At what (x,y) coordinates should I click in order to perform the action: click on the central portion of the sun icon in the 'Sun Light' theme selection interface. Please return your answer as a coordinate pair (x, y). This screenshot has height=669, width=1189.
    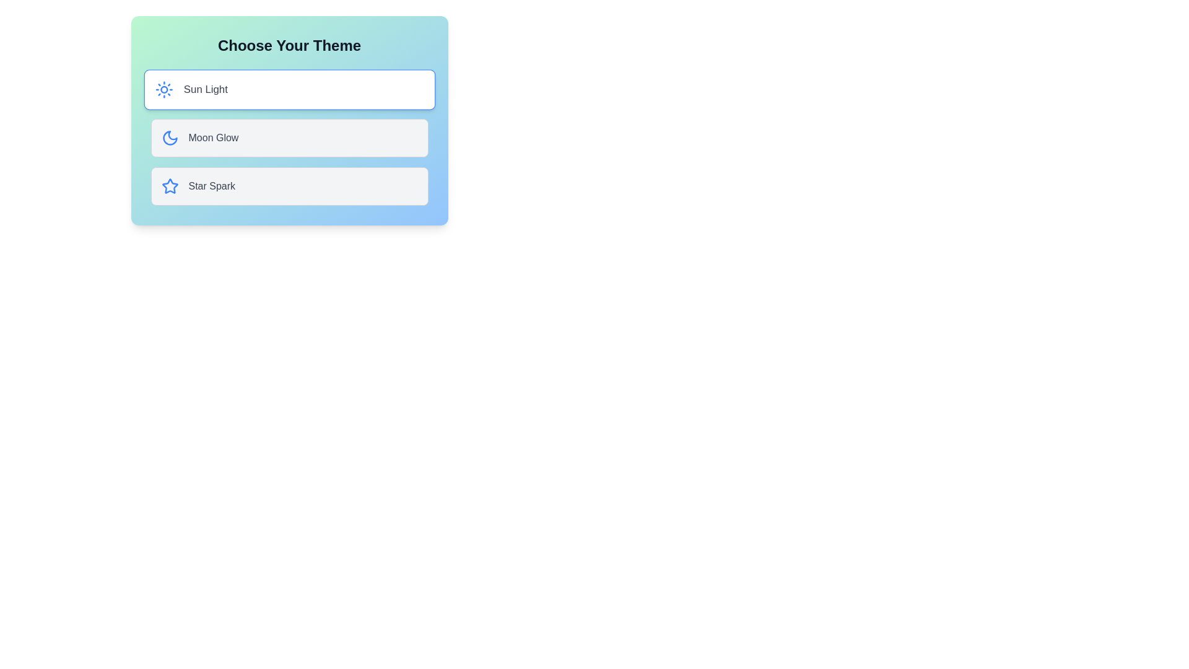
    Looking at the image, I should click on (163, 89).